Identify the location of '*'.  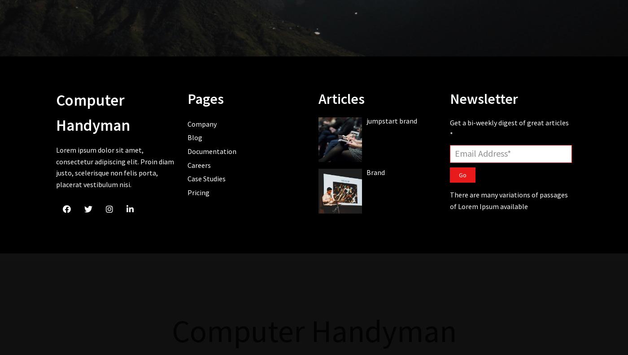
(451, 133).